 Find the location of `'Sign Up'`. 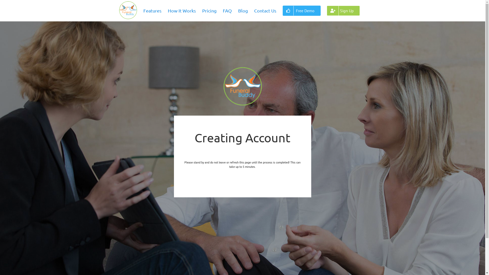

'Sign Up' is located at coordinates (343, 11).